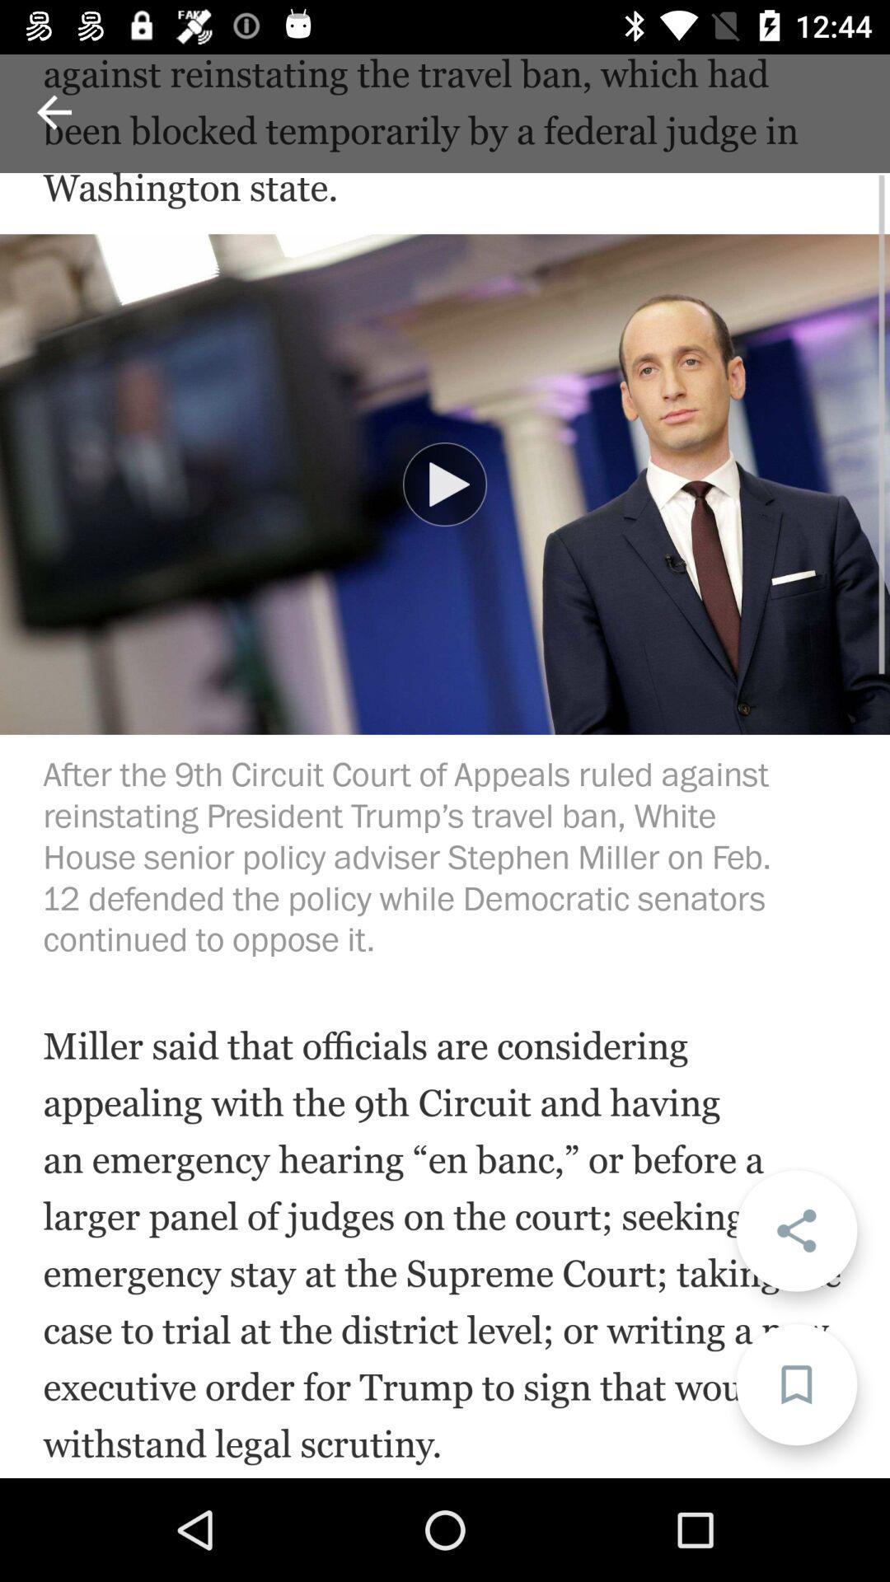  Describe the element at coordinates (53, 111) in the screenshot. I see `back` at that location.